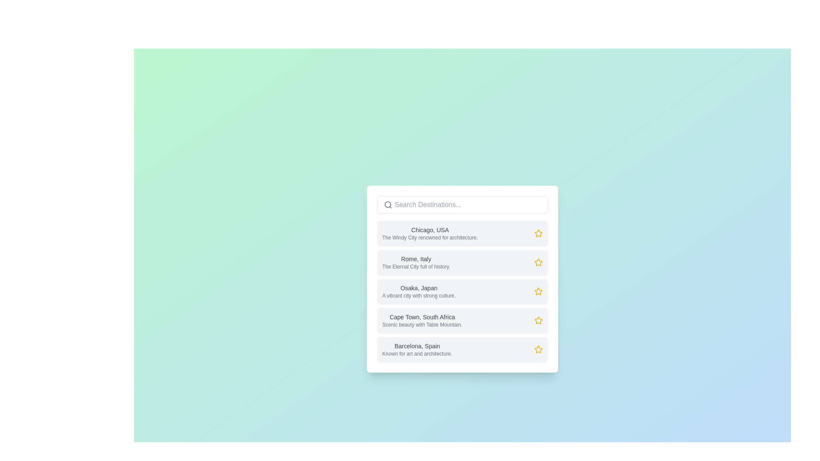 This screenshot has height=461, width=820. I want to click on the descriptive text block for 'Barcelona, Spain', so click(417, 349).